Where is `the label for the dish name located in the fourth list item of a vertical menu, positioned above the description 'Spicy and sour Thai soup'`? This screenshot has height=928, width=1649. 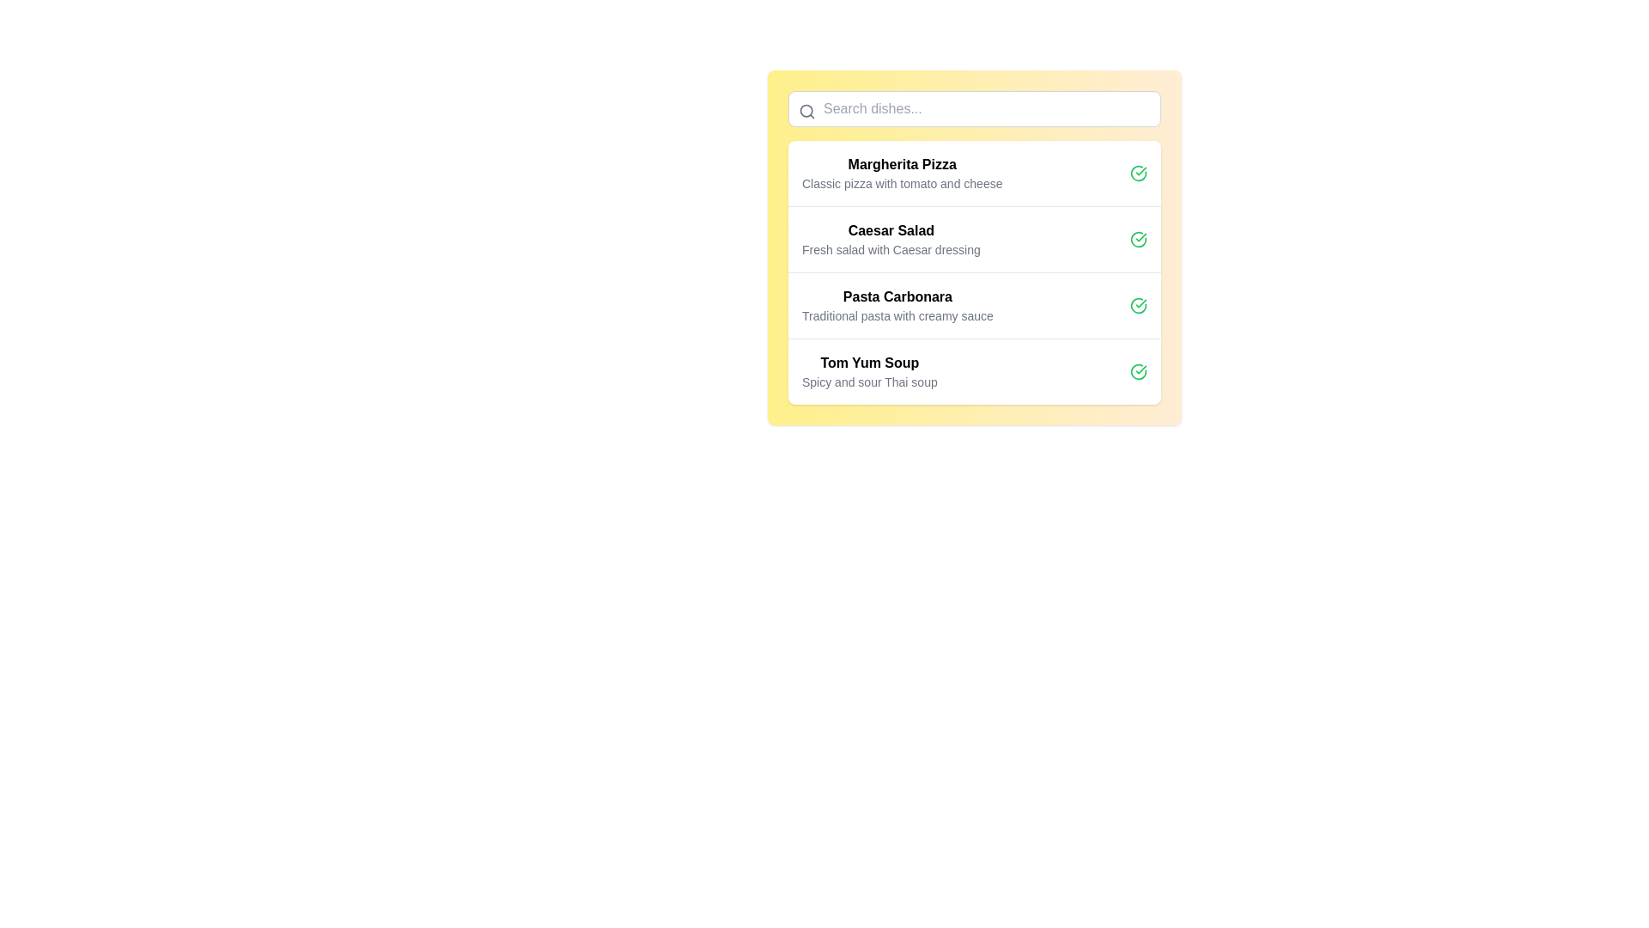 the label for the dish name located in the fourth list item of a vertical menu, positioned above the description 'Spicy and sour Thai soup' is located at coordinates (869, 363).